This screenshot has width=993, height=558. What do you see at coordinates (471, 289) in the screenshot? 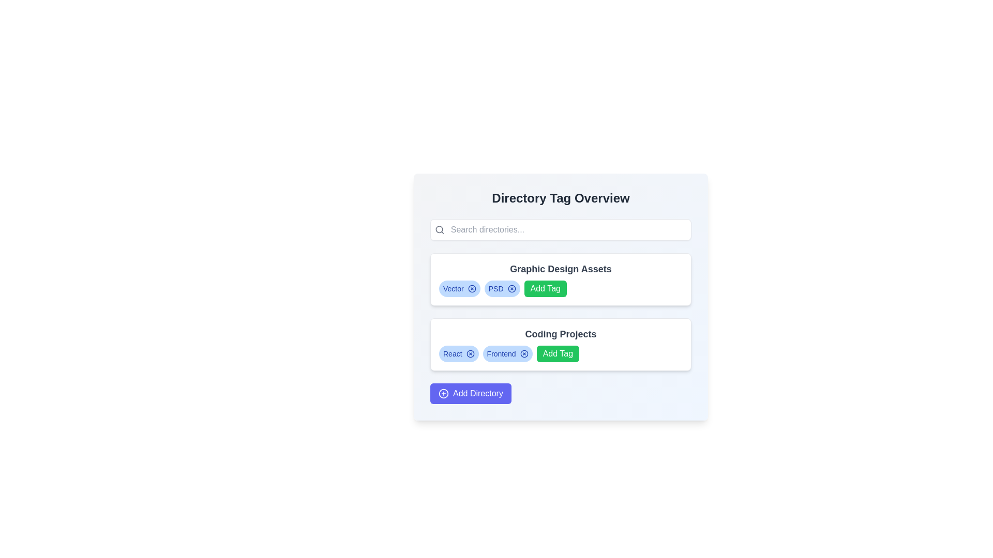
I see `the small circular X icon with a blue outline located on the far right side of the 'Vector' tag` at bounding box center [471, 289].